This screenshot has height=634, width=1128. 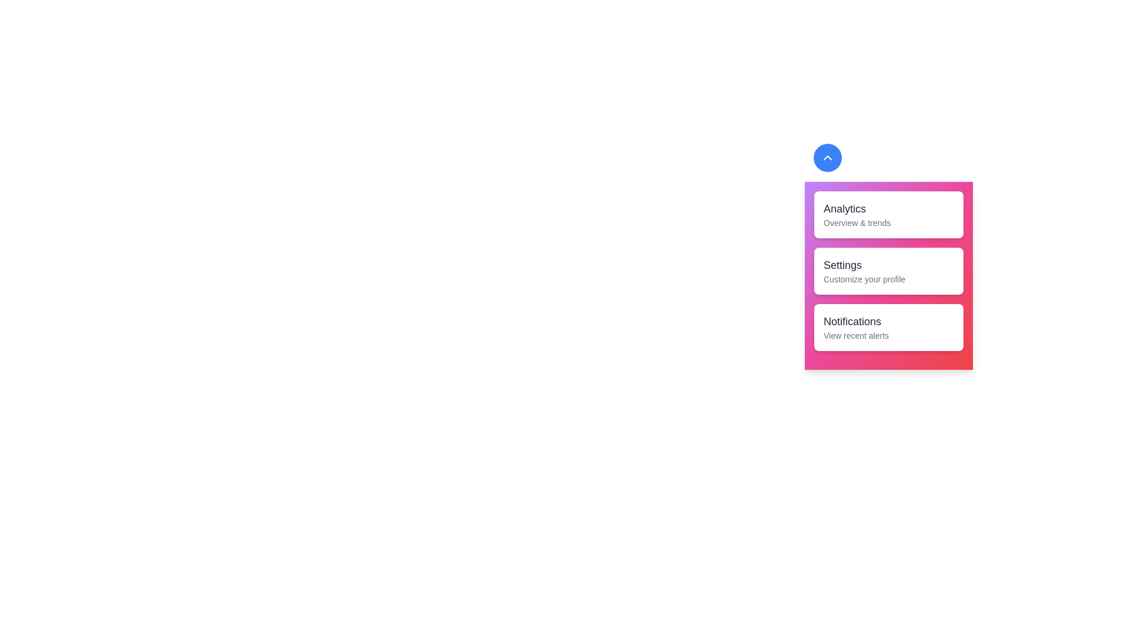 I want to click on the category card labeled 'Notifications' to observe its hover effect, so click(x=888, y=328).